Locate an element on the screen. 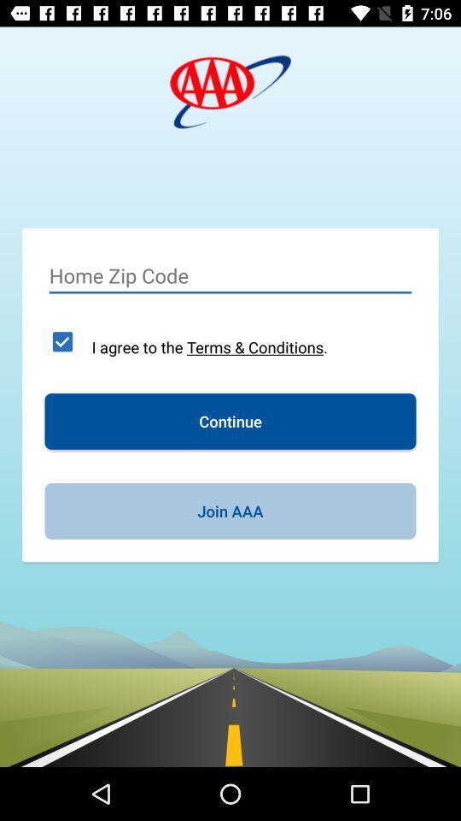 Image resolution: width=461 pixels, height=821 pixels. the item above continue is located at coordinates (209, 346).